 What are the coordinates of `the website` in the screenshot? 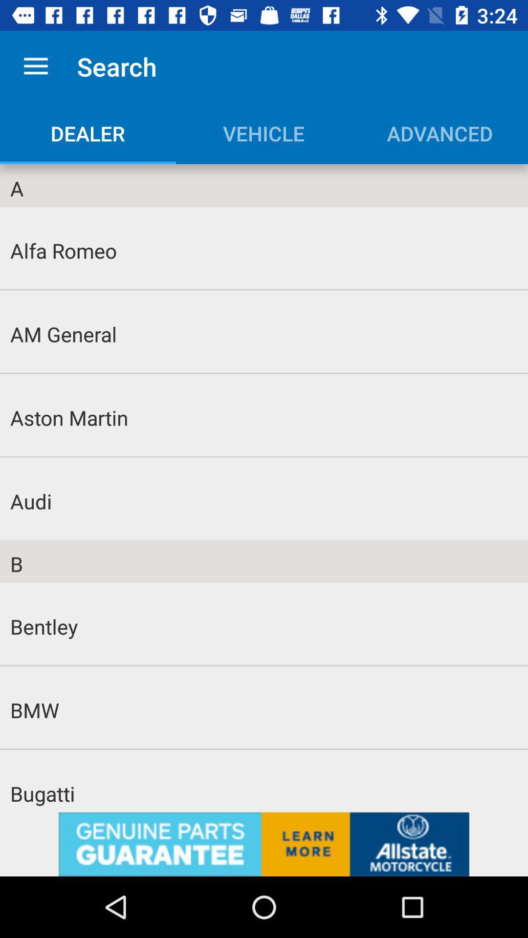 It's located at (264, 844).